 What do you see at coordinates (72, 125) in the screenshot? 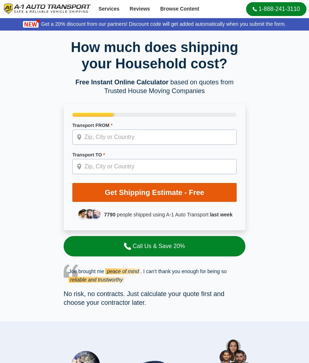
I see `'Transport FROM'` at bounding box center [72, 125].